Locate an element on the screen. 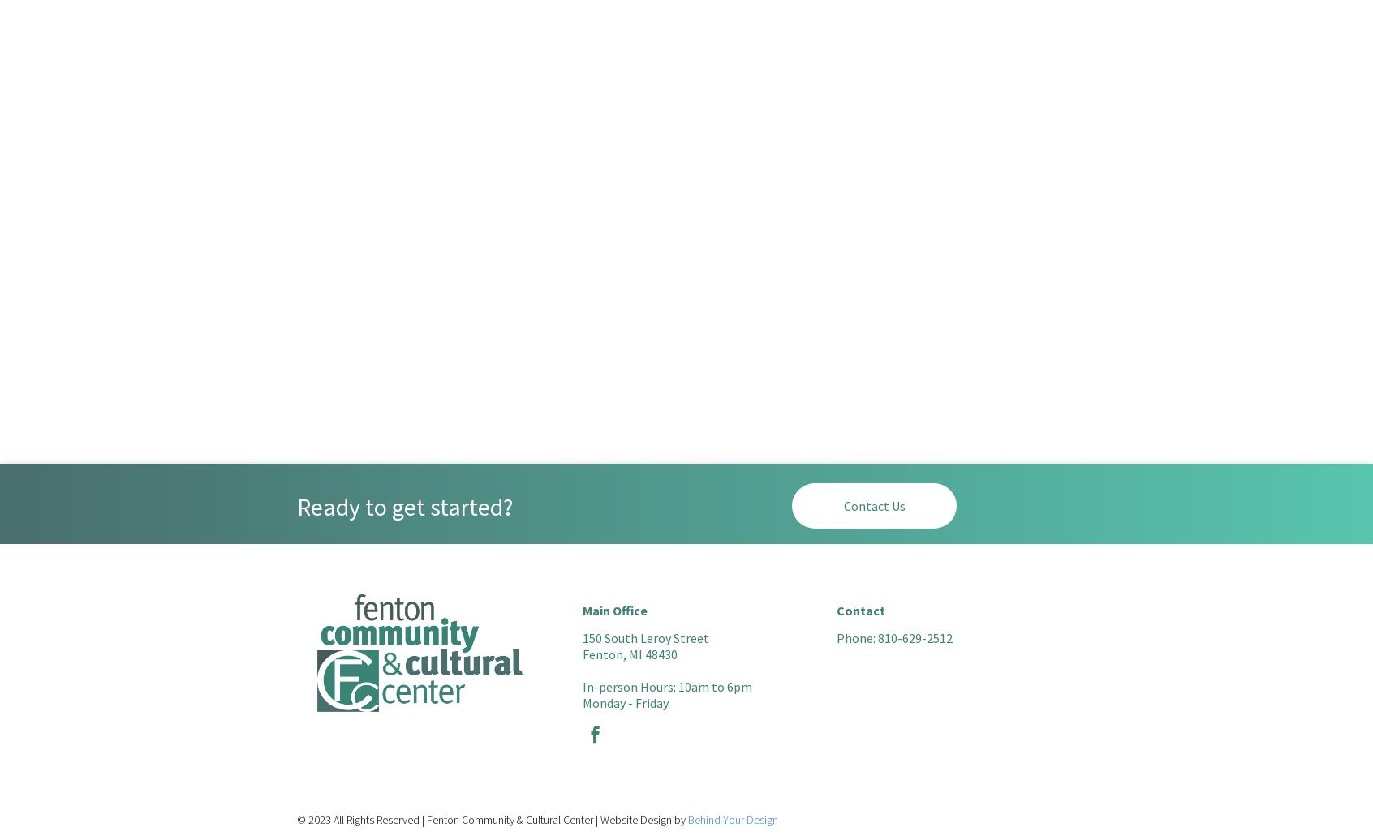 The height and width of the screenshot is (840, 1373). 'Behind Your Design' is located at coordinates (732, 820).